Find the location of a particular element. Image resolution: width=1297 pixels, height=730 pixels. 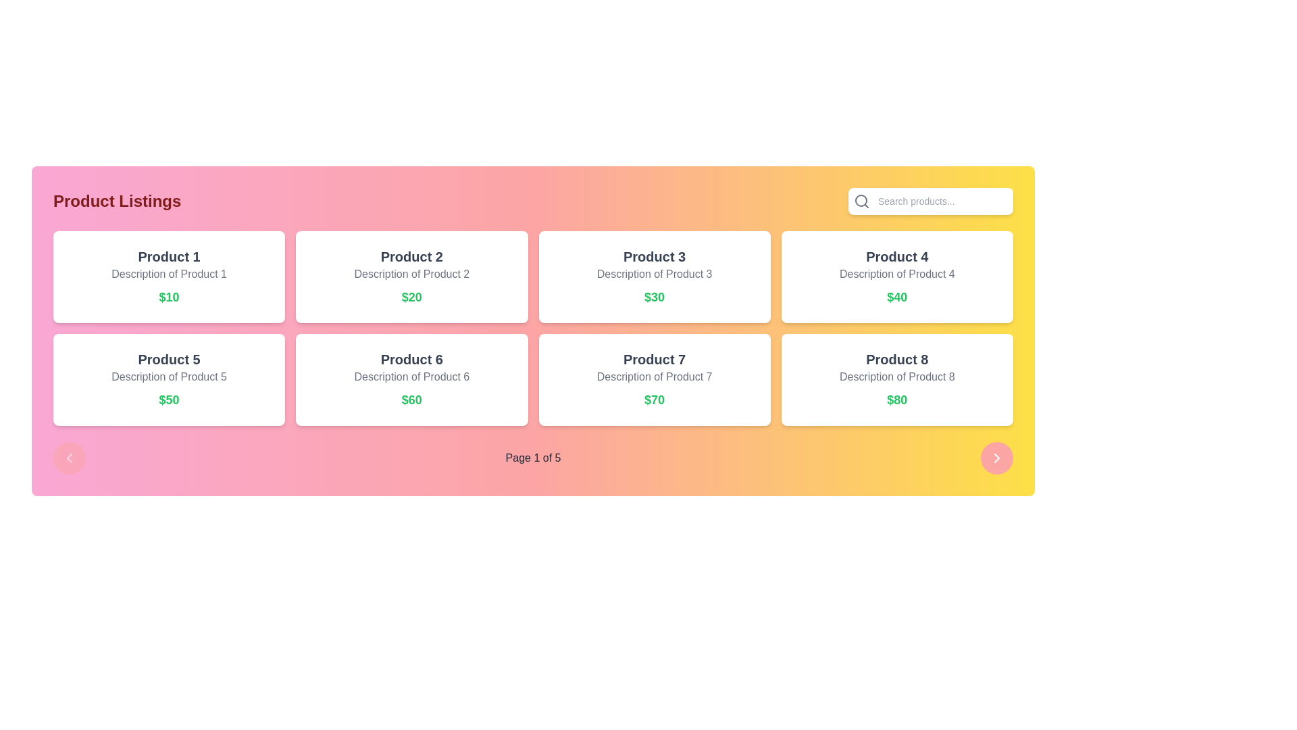

the price label displaying the value '$60' for the product represented by the card labeled 'Product 6', located in the second row and second column of the grid layout is located at coordinates (411, 399).